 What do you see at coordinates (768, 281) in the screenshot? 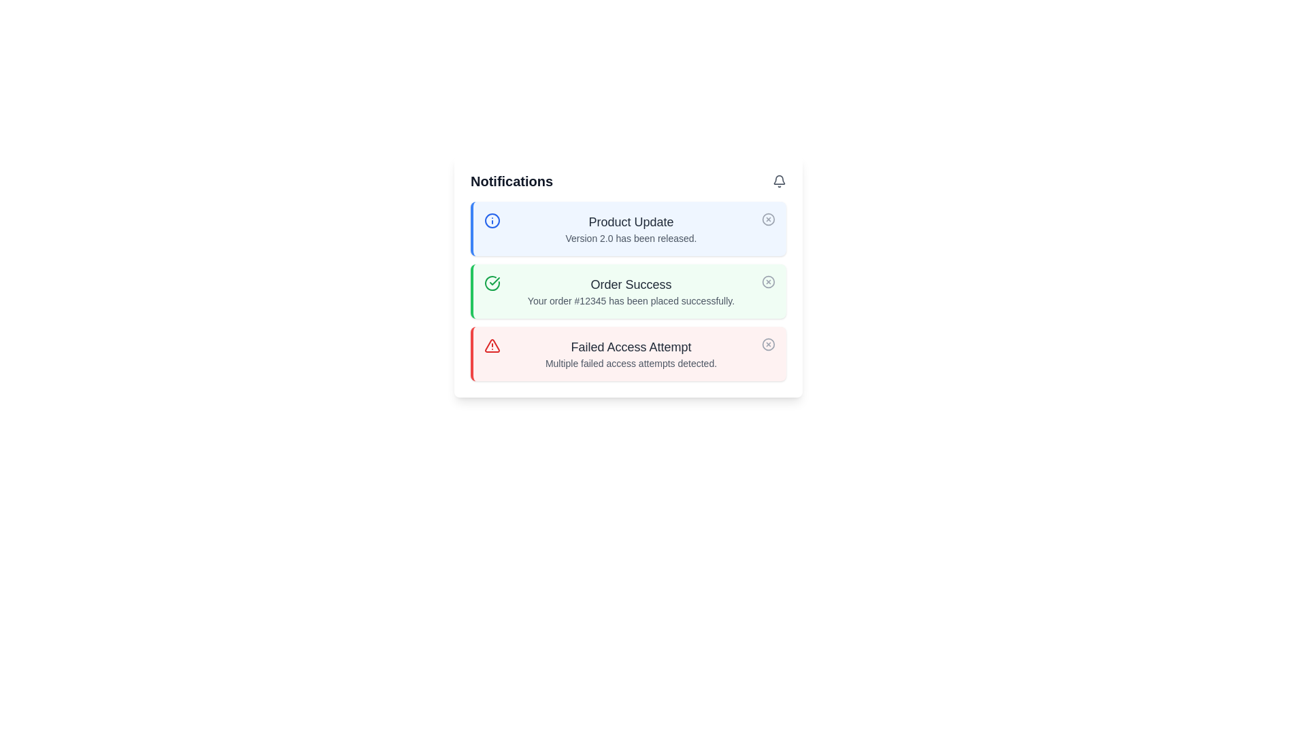
I see `the circular graphical element that is part of the dismiss button in the 'Order Success' notification row by clicking on it` at bounding box center [768, 281].